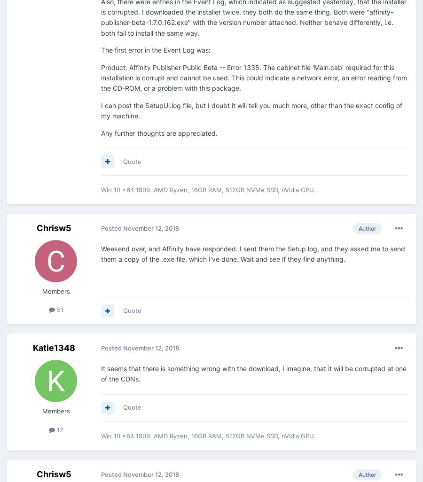 This screenshot has width=423, height=482. Describe the element at coordinates (59, 428) in the screenshot. I see `'12'` at that location.